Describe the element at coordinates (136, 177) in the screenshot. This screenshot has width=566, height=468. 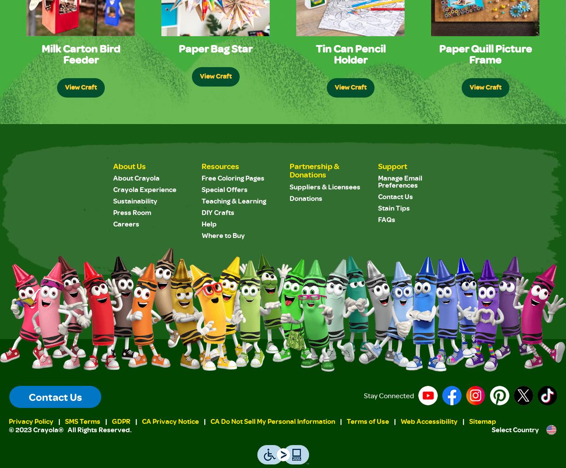
I see `'About Crayola'` at that location.